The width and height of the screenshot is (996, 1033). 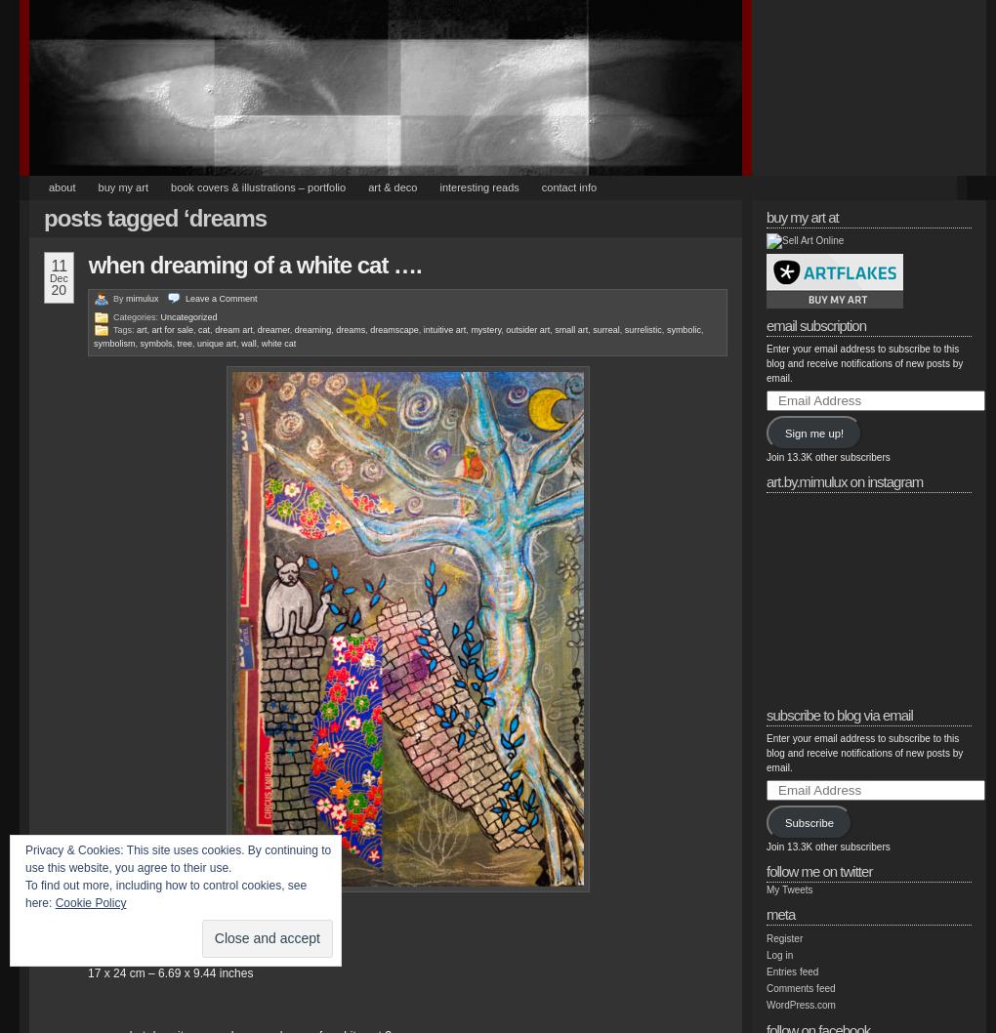 What do you see at coordinates (366, 187) in the screenshot?
I see `'Art & Deco'` at bounding box center [366, 187].